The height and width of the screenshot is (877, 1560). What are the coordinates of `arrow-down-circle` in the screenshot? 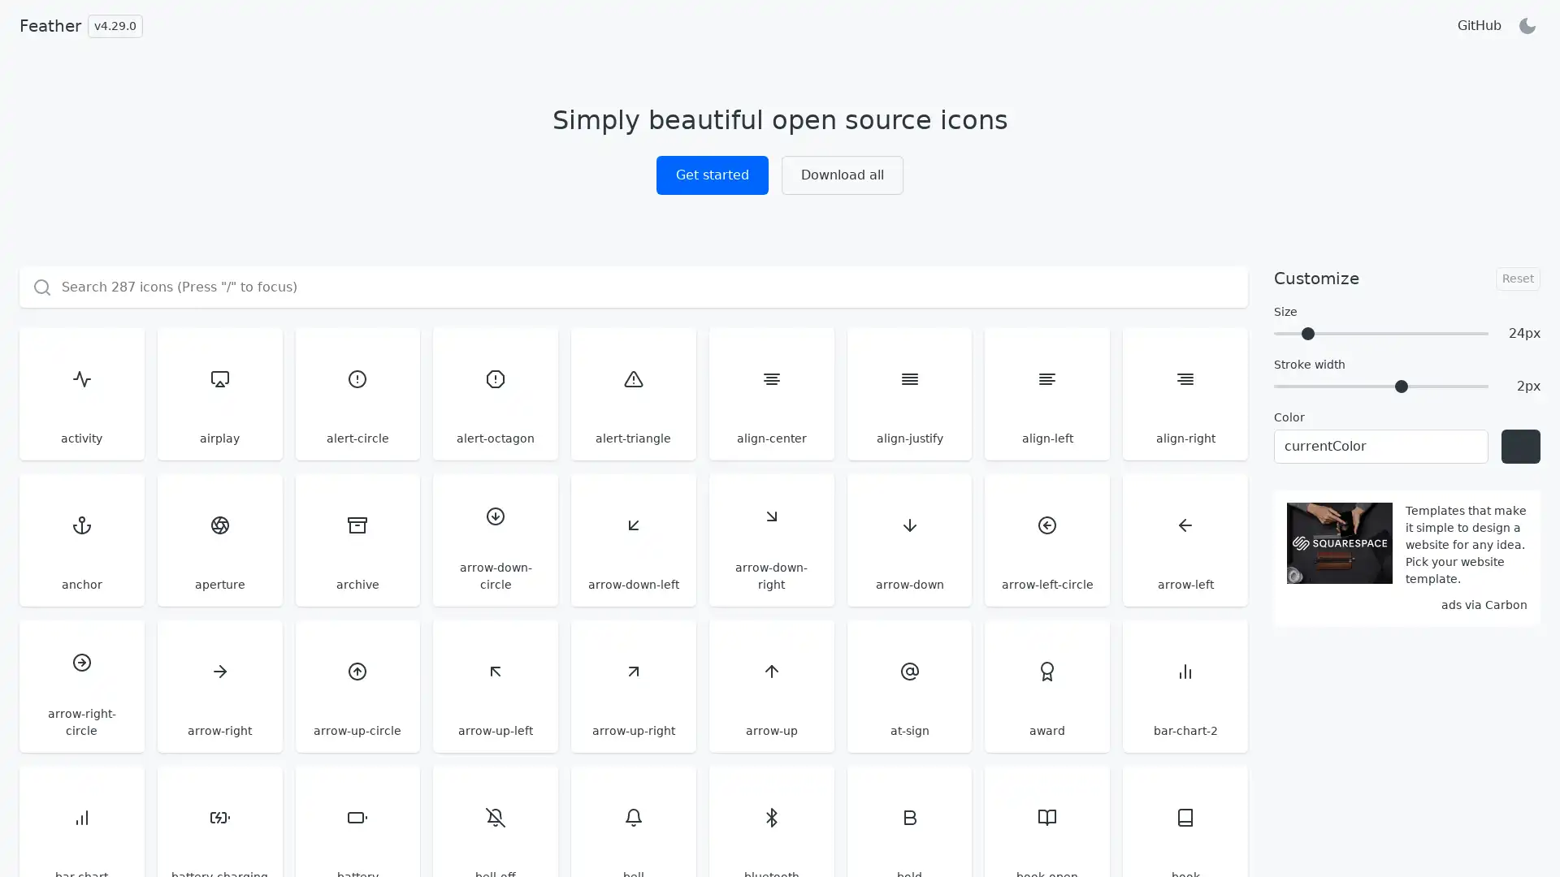 It's located at (494, 539).